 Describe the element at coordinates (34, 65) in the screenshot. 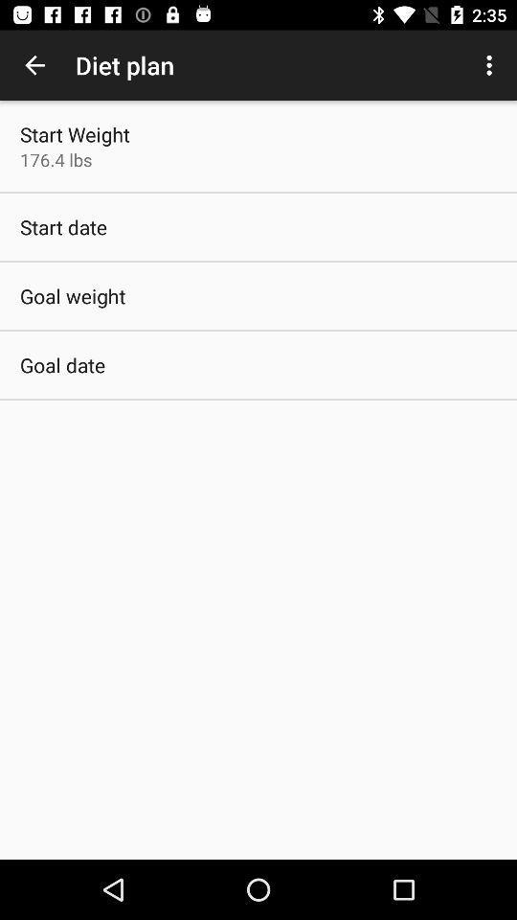

I see `item above the start weight icon` at that location.